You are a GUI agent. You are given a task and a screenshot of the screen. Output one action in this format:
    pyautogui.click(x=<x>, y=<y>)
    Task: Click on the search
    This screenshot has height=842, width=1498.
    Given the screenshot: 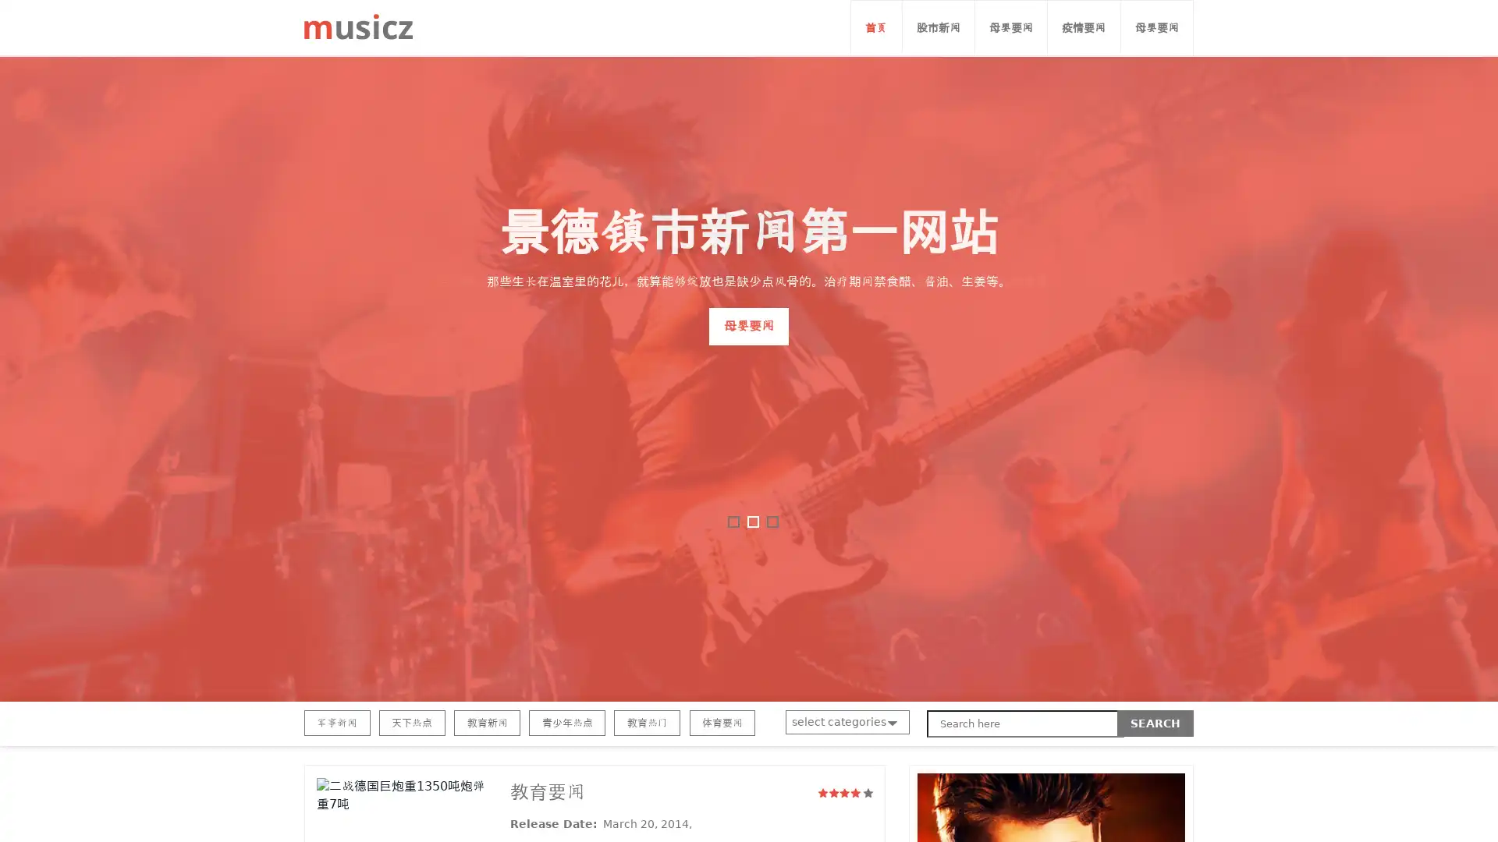 What is the action you would take?
    pyautogui.click(x=1155, y=723)
    